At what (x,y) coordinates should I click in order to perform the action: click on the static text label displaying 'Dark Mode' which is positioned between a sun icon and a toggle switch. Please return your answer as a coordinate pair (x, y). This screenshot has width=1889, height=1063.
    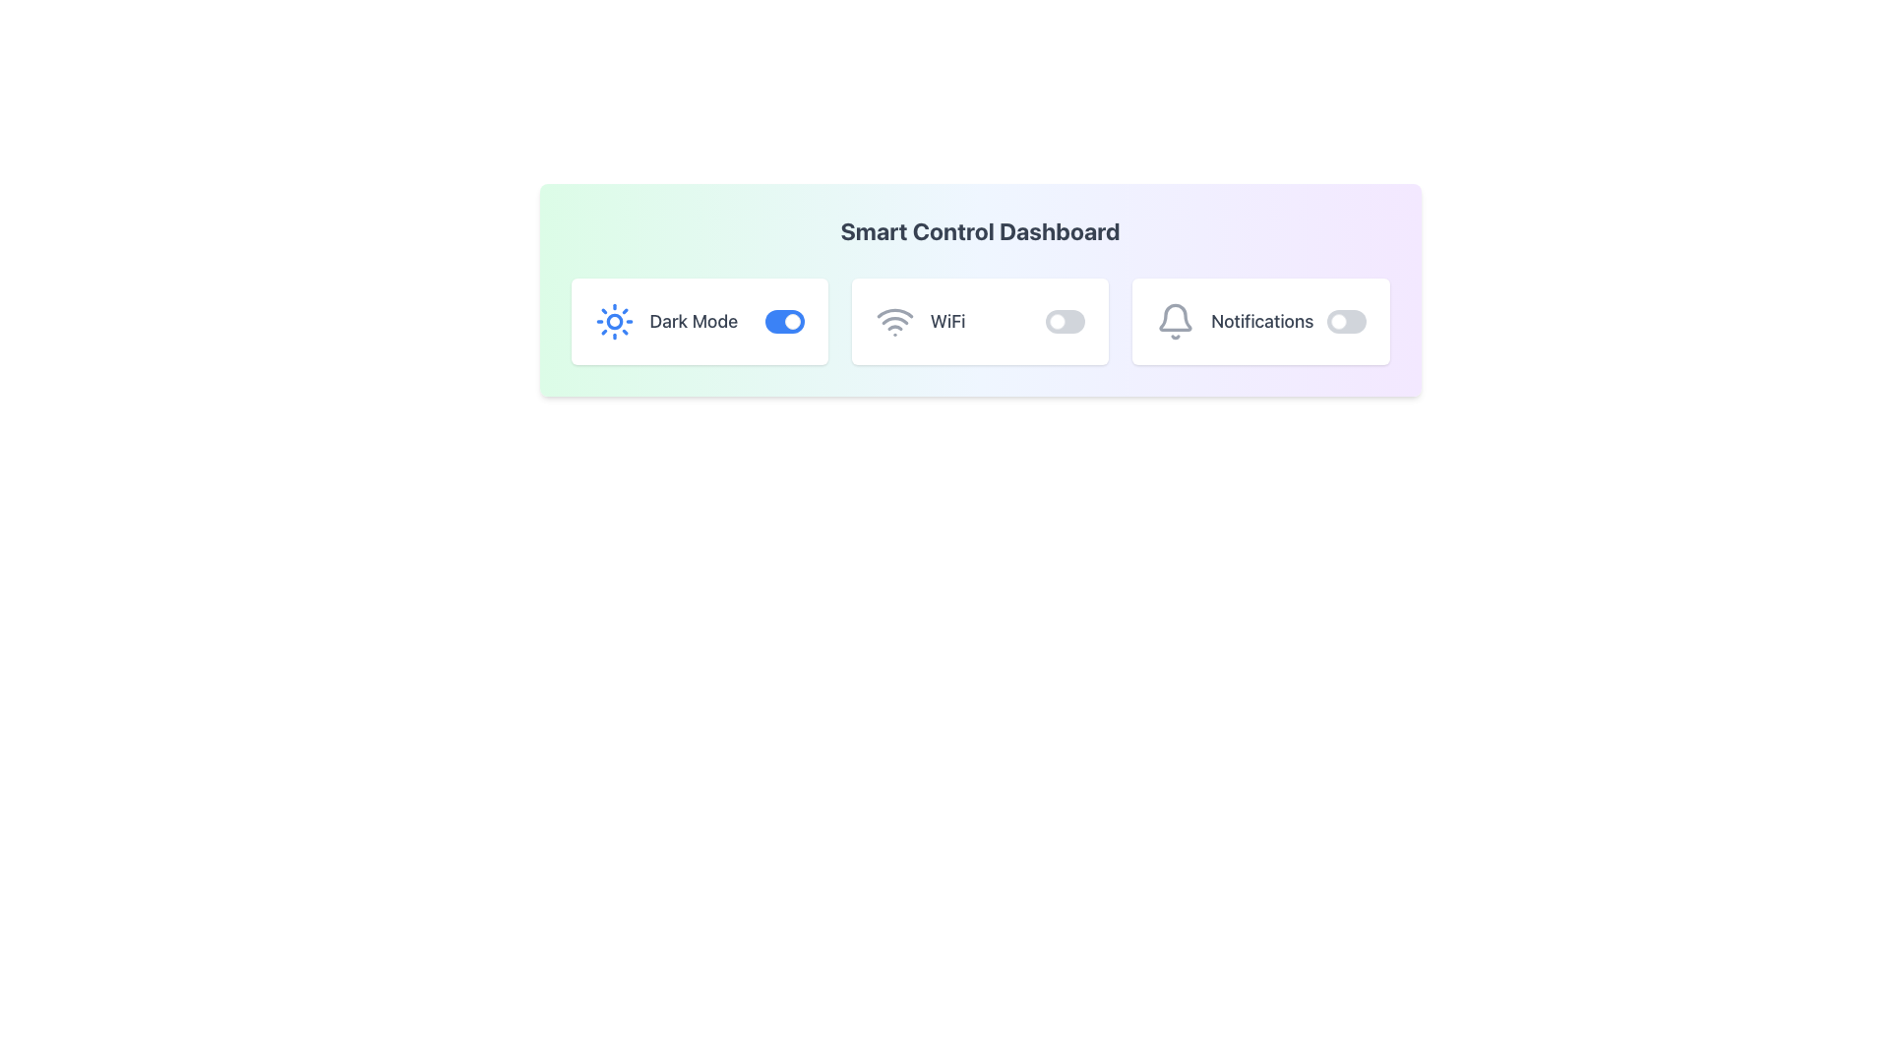
    Looking at the image, I should click on (694, 321).